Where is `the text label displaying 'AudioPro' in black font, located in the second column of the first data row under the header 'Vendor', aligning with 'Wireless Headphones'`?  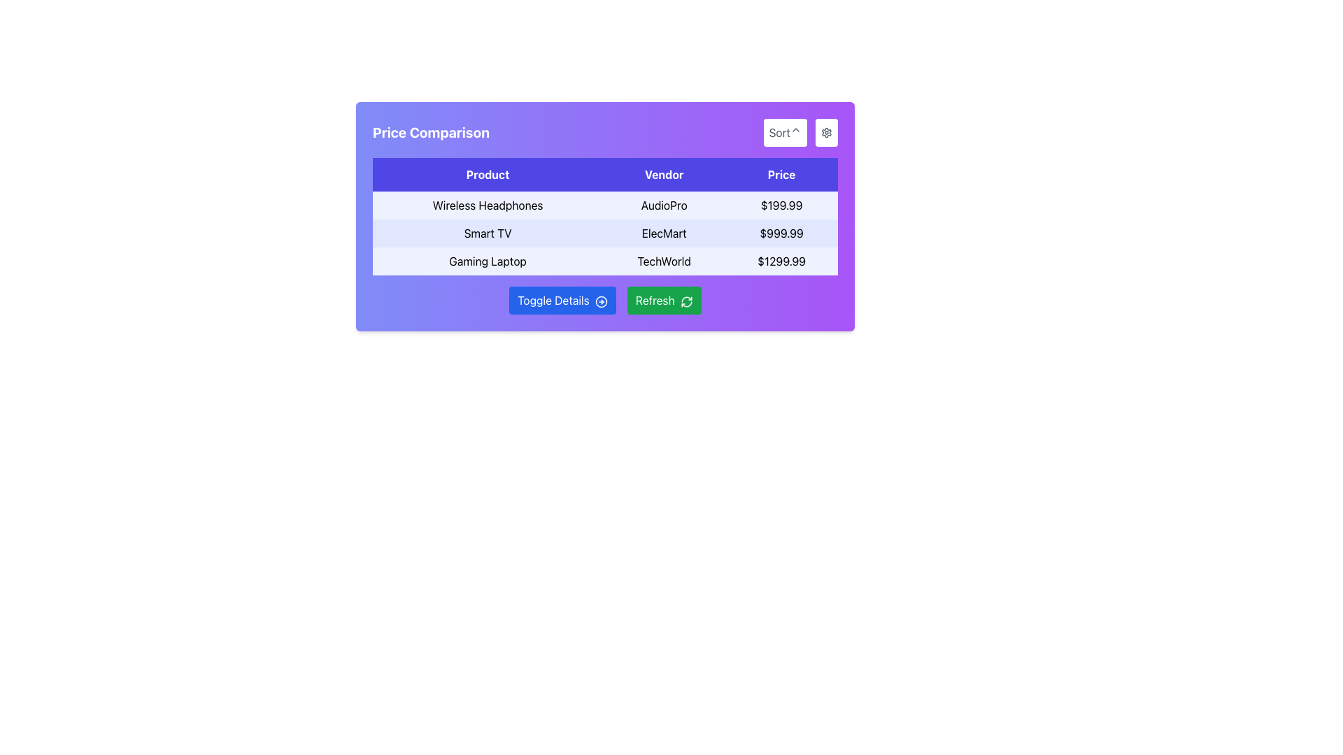
the text label displaying 'AudioPro' in black font, located in the second column of the first data row under the header 'Vendor', aligning with 'Wireless Headphones' is located at coordinates (663, 205).